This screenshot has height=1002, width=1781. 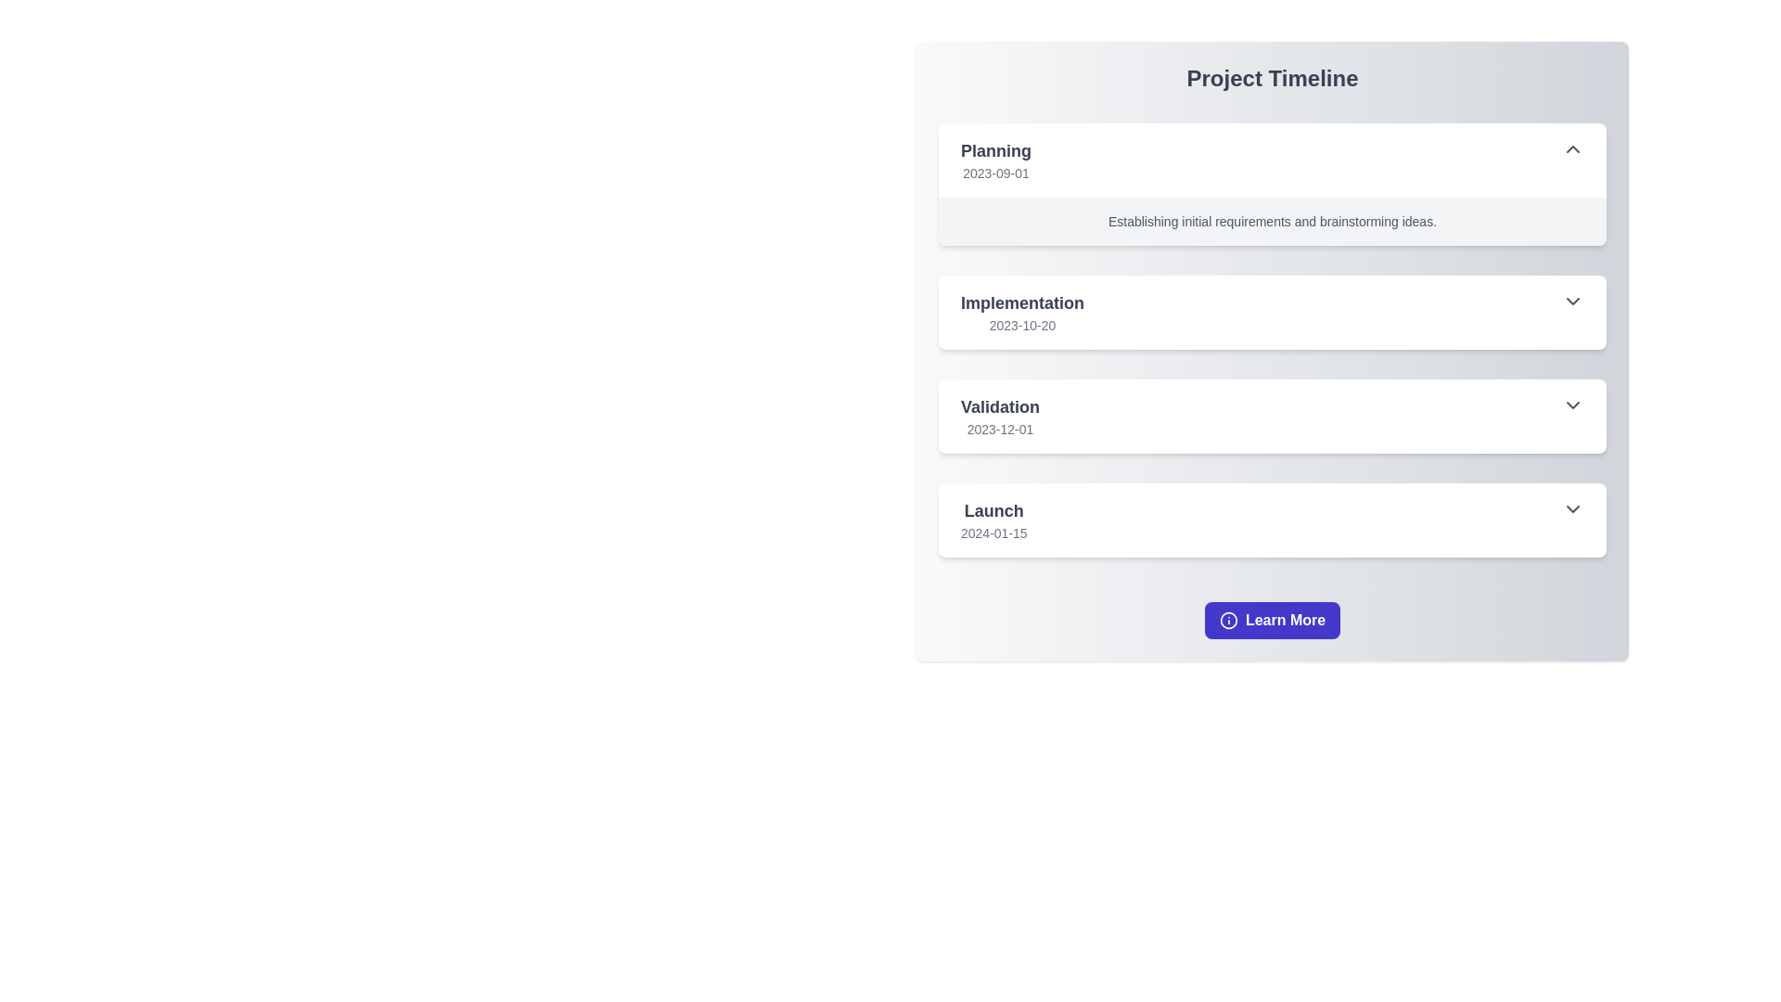 I want to click on the informational Text label displaying the date for the 'Implementation' phase located in the second section of the 'Project Timeline', so click(x=1021, y=325).